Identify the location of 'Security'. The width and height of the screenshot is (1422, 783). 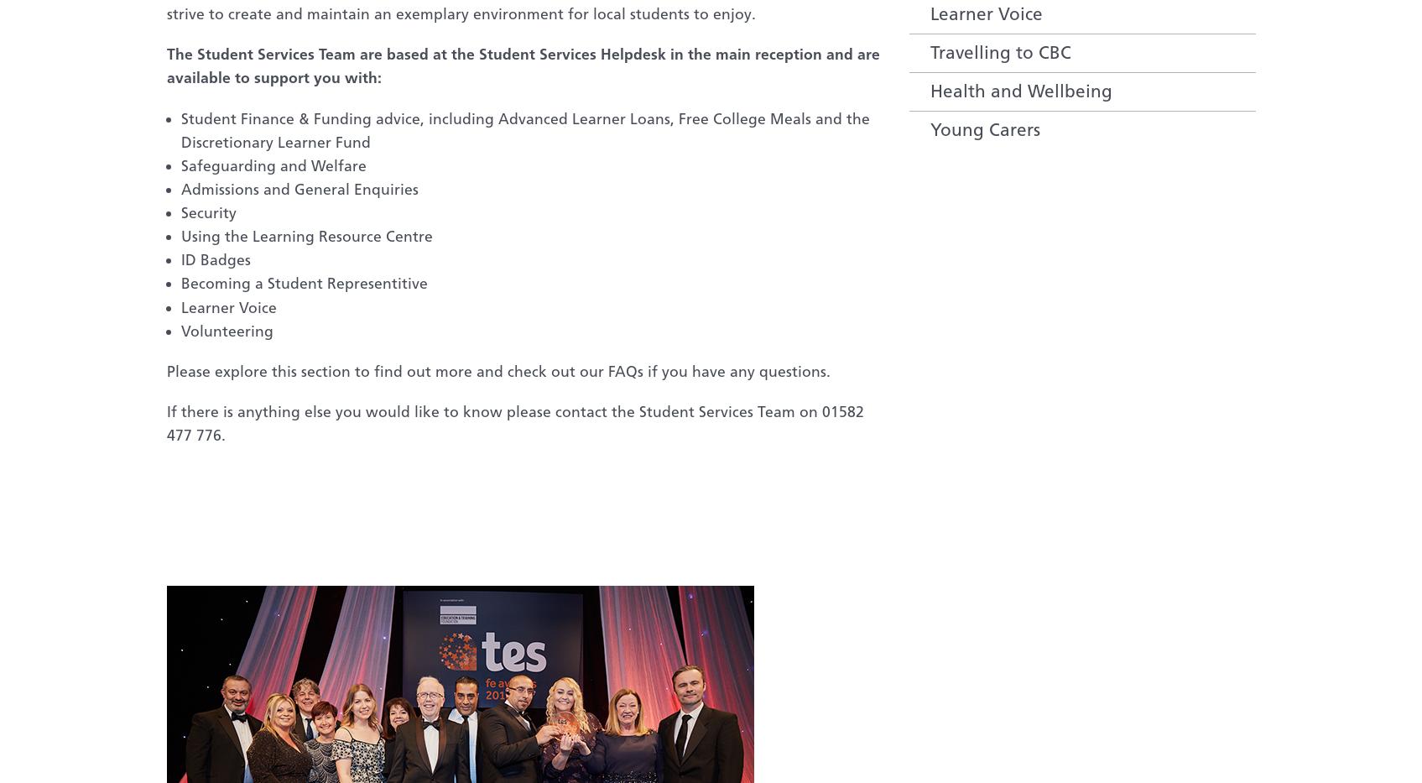
(207, 211).